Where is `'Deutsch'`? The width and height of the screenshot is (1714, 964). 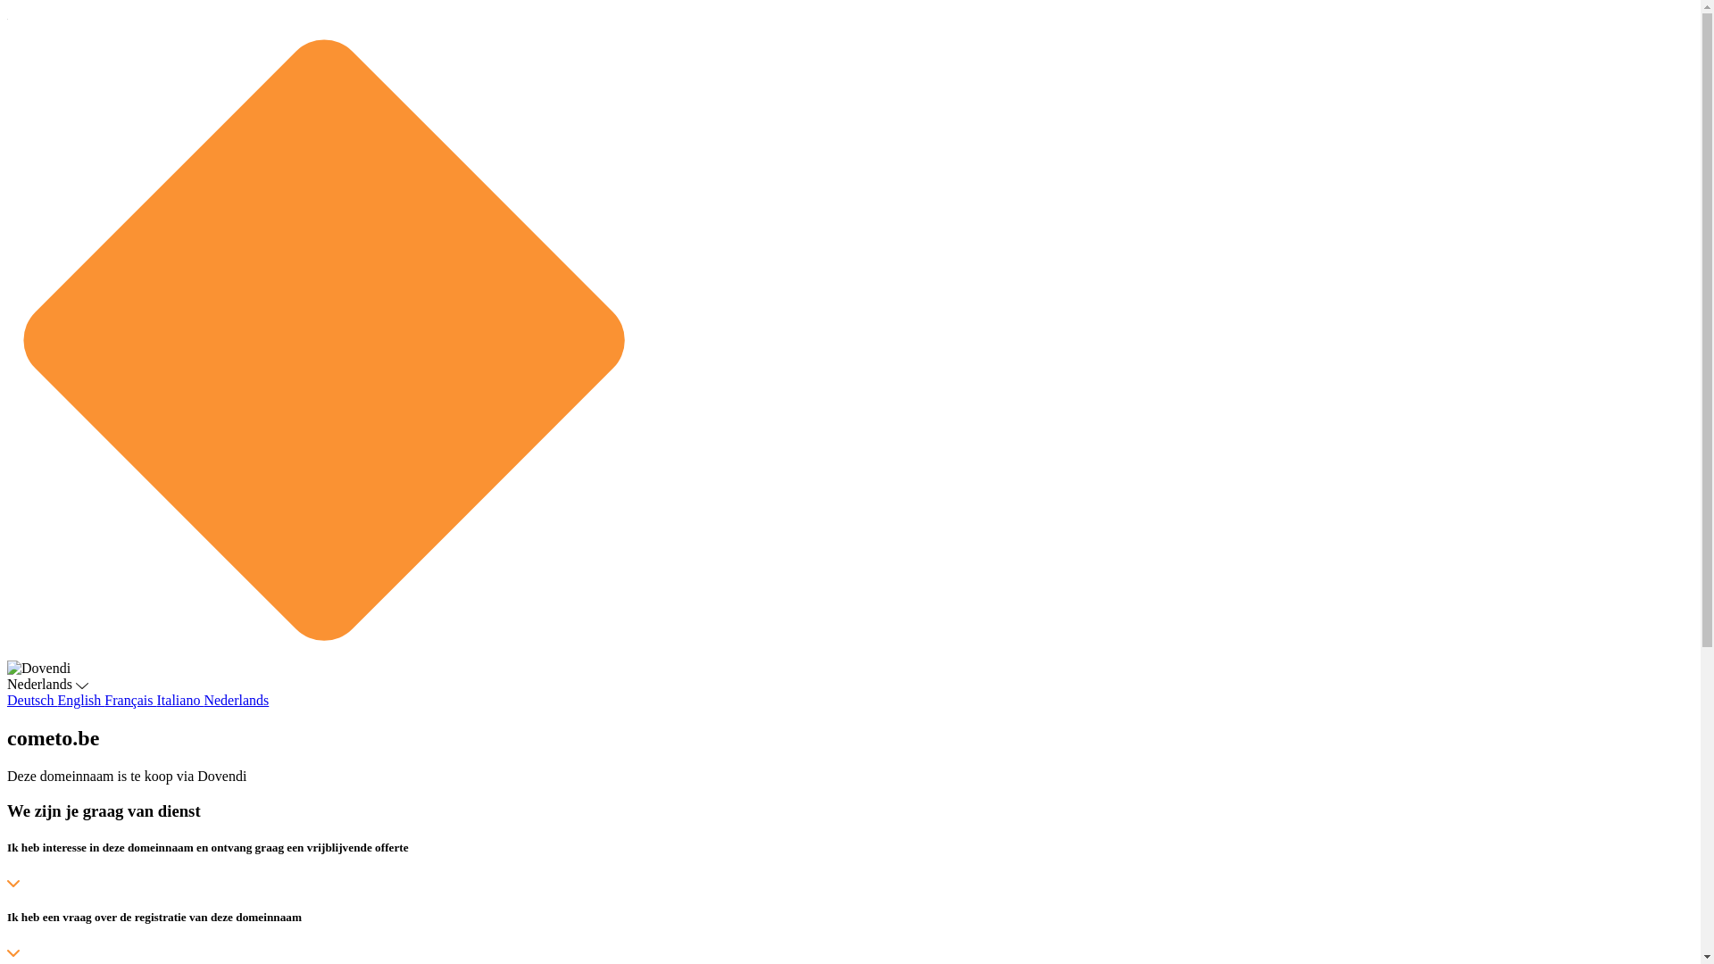 'Deutsch' is located at coordinates (31, 699).